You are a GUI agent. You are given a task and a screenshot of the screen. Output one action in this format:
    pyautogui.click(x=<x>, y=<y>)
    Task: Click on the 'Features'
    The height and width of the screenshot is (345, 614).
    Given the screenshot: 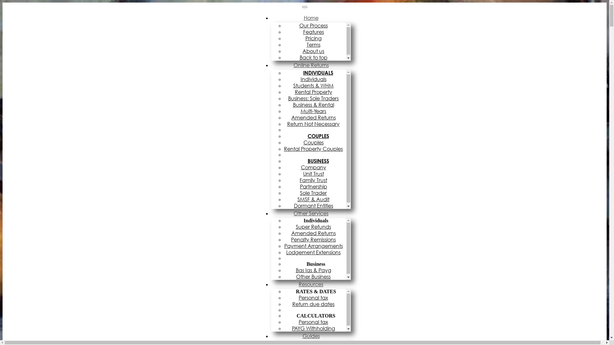 What is the action you would take?
    pyautogui.click(x=303, y=32)
    